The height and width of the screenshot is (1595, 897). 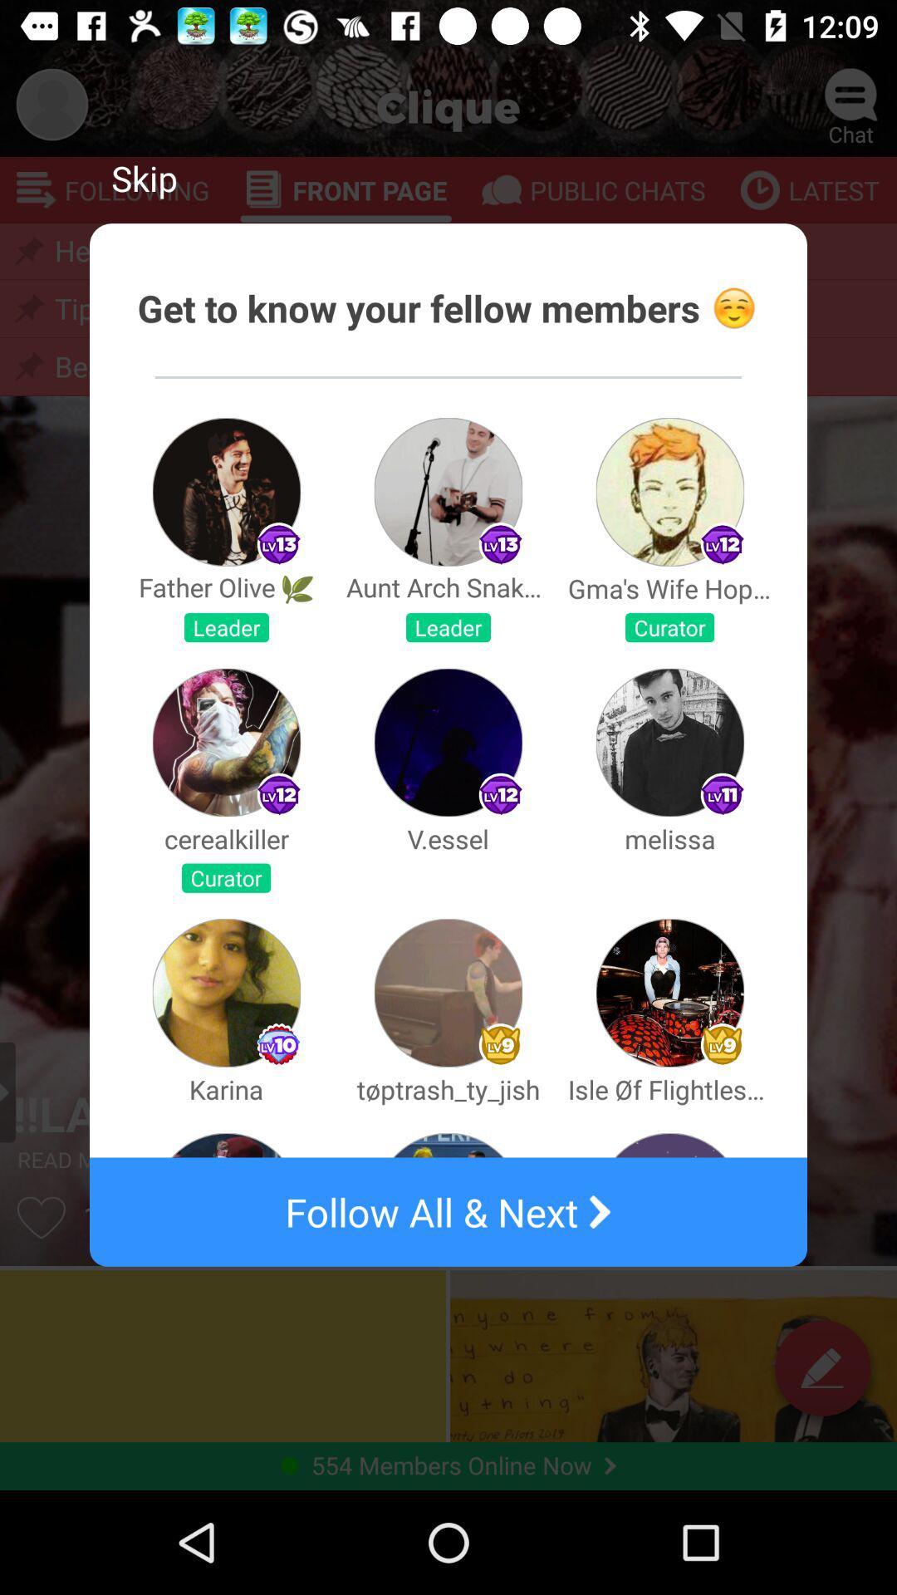 I want to click on skip icon, so click(x=143, y=178).